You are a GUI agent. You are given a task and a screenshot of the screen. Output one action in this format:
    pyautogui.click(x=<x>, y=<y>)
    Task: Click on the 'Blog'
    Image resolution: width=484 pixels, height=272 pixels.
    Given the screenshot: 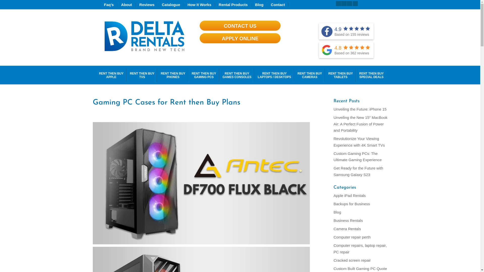 What is the action you would take?
    pyautogui.click(x=261, y=5)
    